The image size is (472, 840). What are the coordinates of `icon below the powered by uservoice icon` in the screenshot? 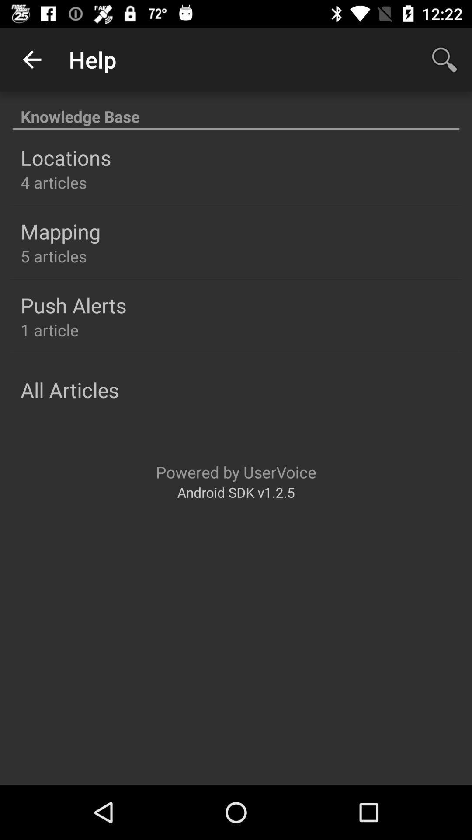 It's located at (236, 492).